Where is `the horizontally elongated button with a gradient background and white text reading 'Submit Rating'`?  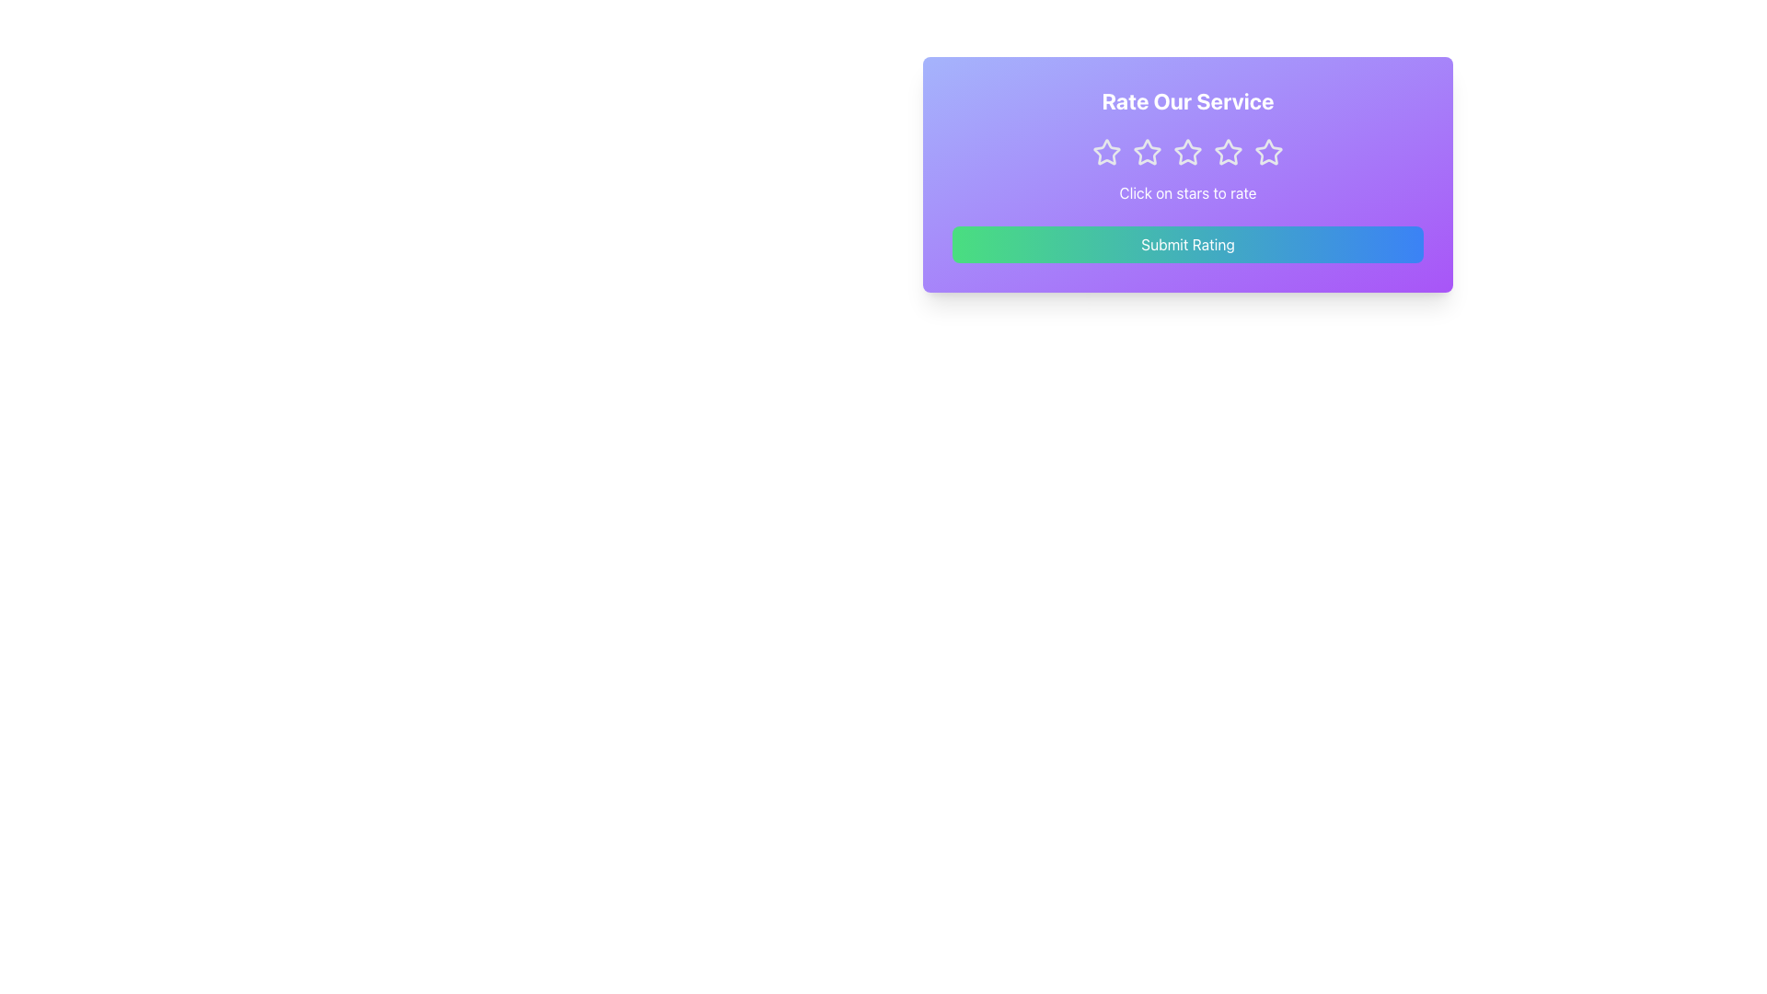
the horizontally elongated button with a gradient background and white text reading 'Submit Rating' is located at coordinates (1188, 244).